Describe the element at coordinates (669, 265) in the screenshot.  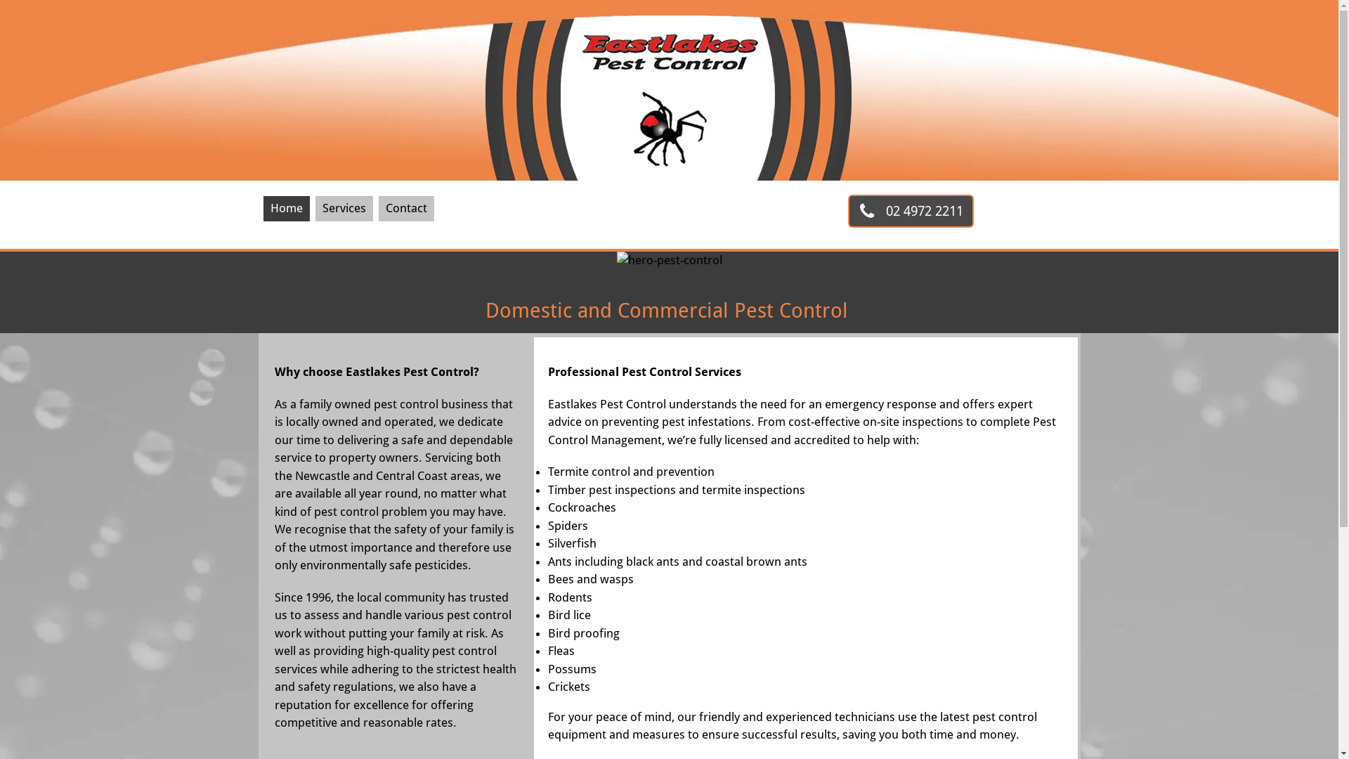
I see `'hero-pest-control'` at that location.